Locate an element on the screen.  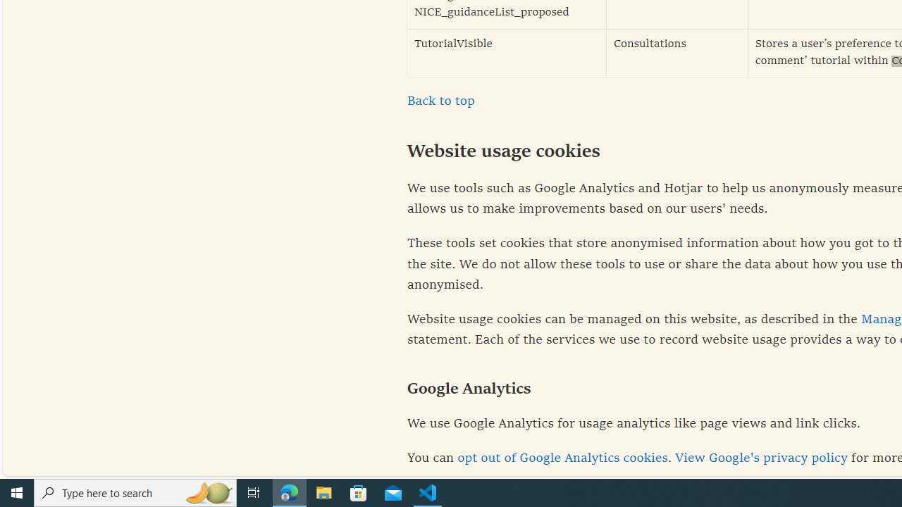
'opt out of Google Analytics cookies' is located at coordinates (562, 458).